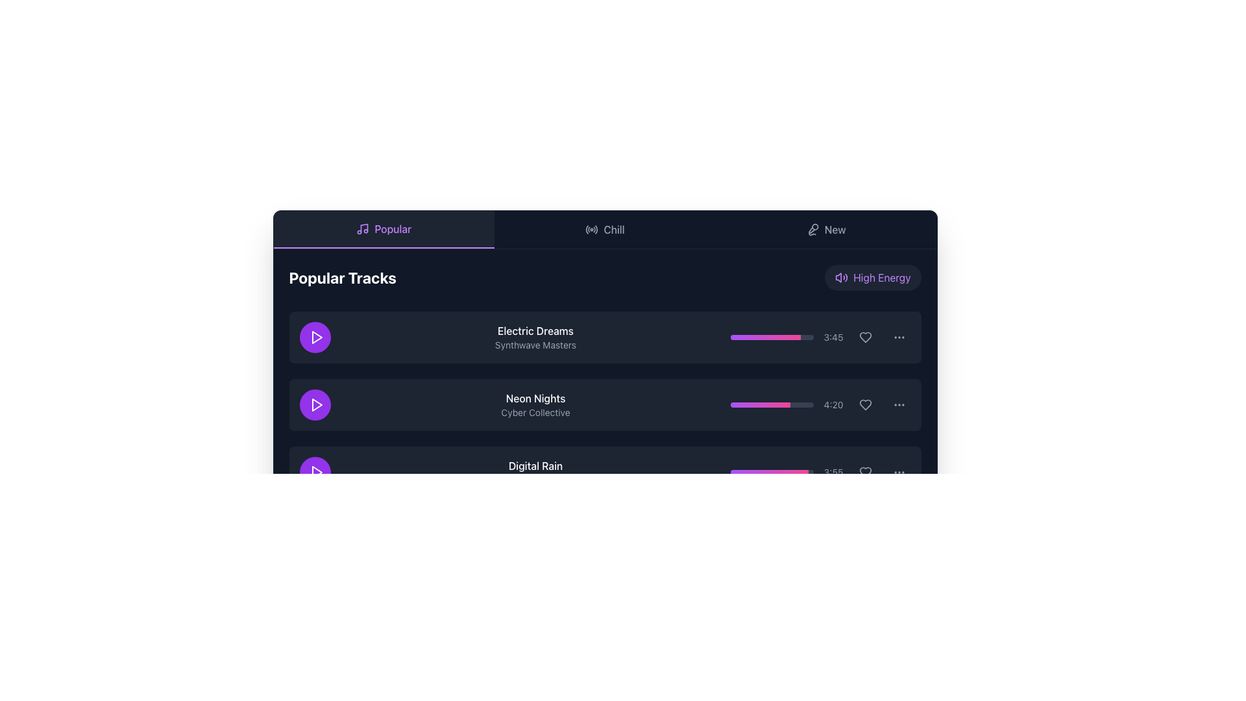  I want to click on progress, so click(765, 404).